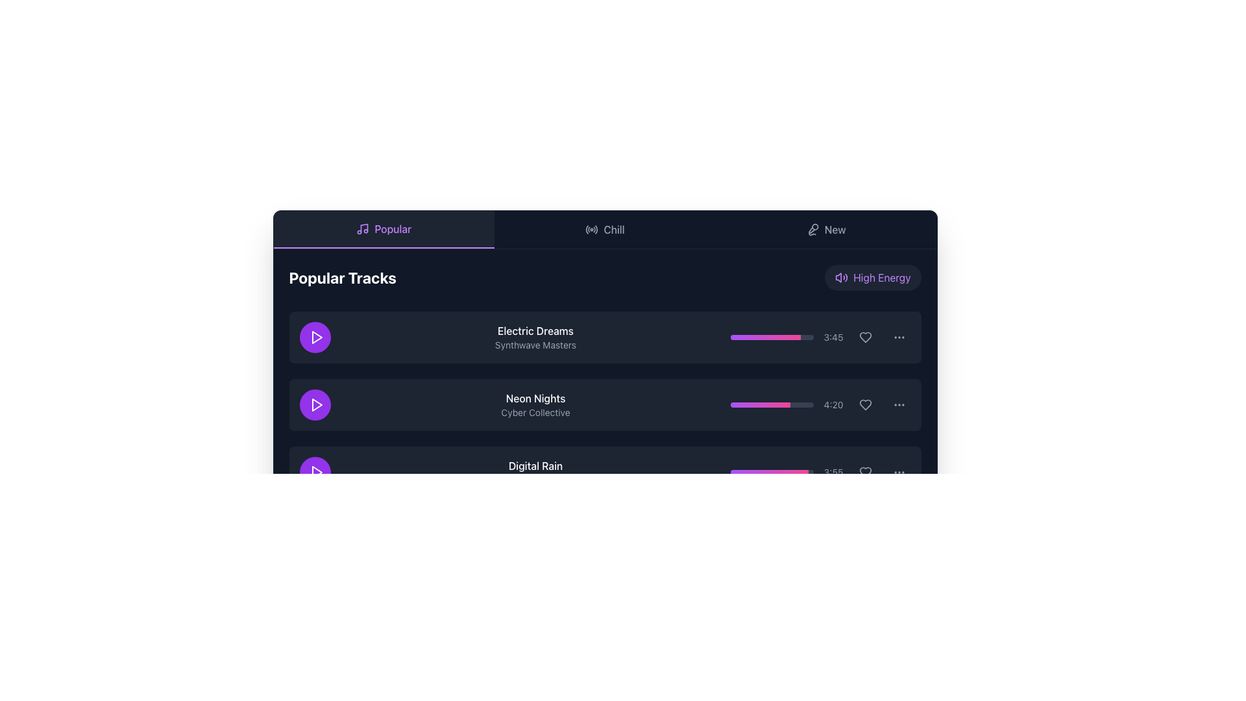  I want to click on progress, so click(765, 404).